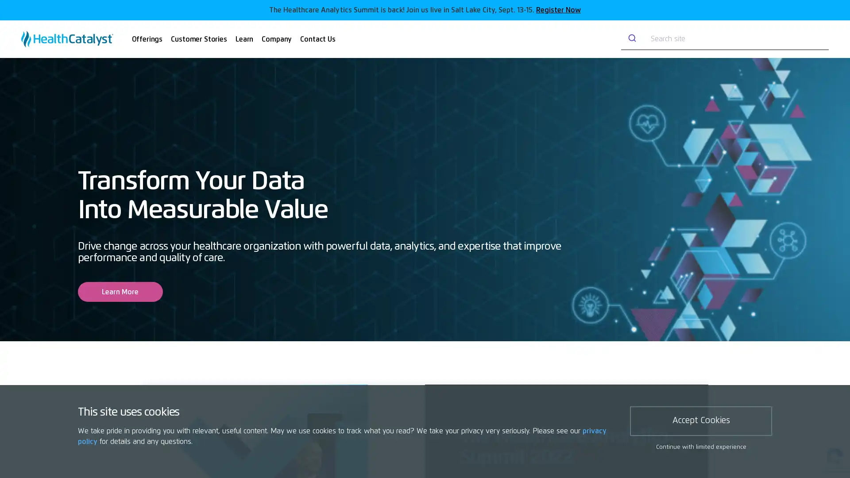 The height and width of the screenshot is (478, 850). What do you see at coordinates (700, 447) in the screenshot?
I see `Continue with limited experience` at bounding box center [700, 447].